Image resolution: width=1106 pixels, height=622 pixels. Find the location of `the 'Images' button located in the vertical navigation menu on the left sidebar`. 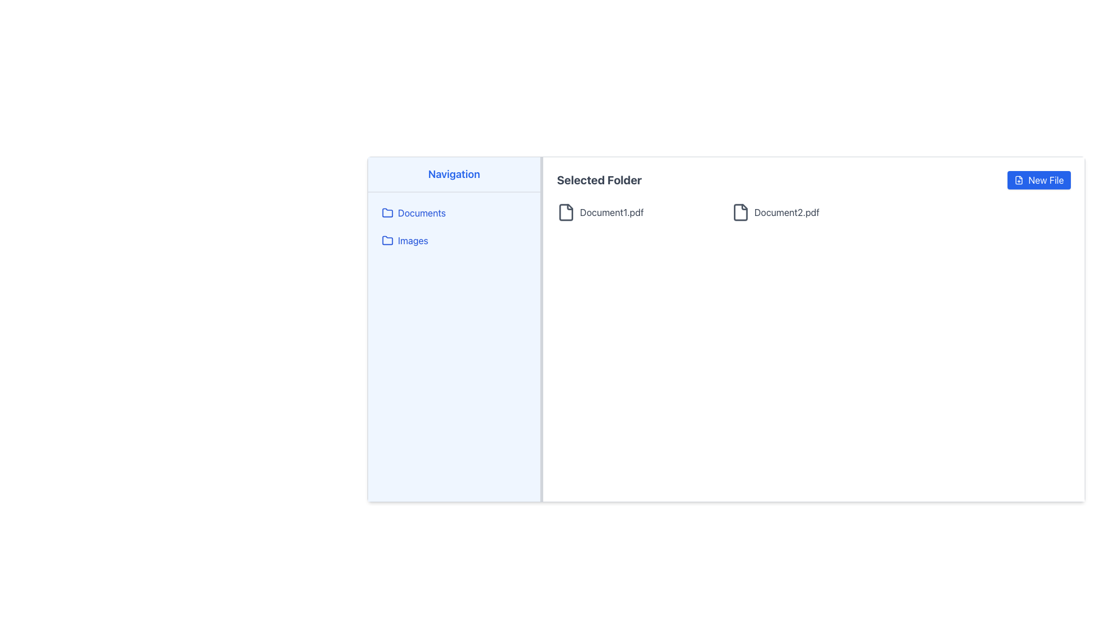

the 'Images' button located in the vertical navigation menu on the left sidebar is located at coordinates (453, 240).